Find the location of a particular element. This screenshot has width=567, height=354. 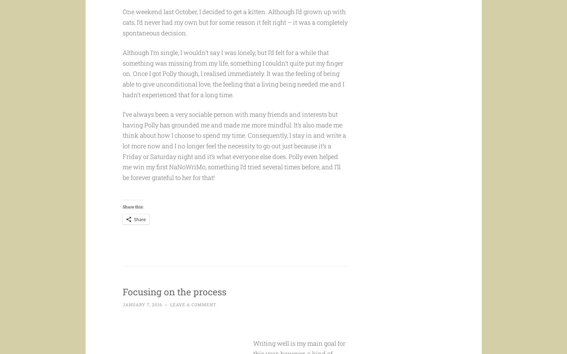

'Although I’m single, I wouldn’t say I was lonely, but I’d felt for a while that something was missing from my life, something I couldn’t quite put my finger on. Once I got Polly though, I realised immediately. It was the feeling of being able to give unconditional love, the feeling that a living being needed me and I hadn’t experienced that for a long time.' is located at coordinates (233, 87).